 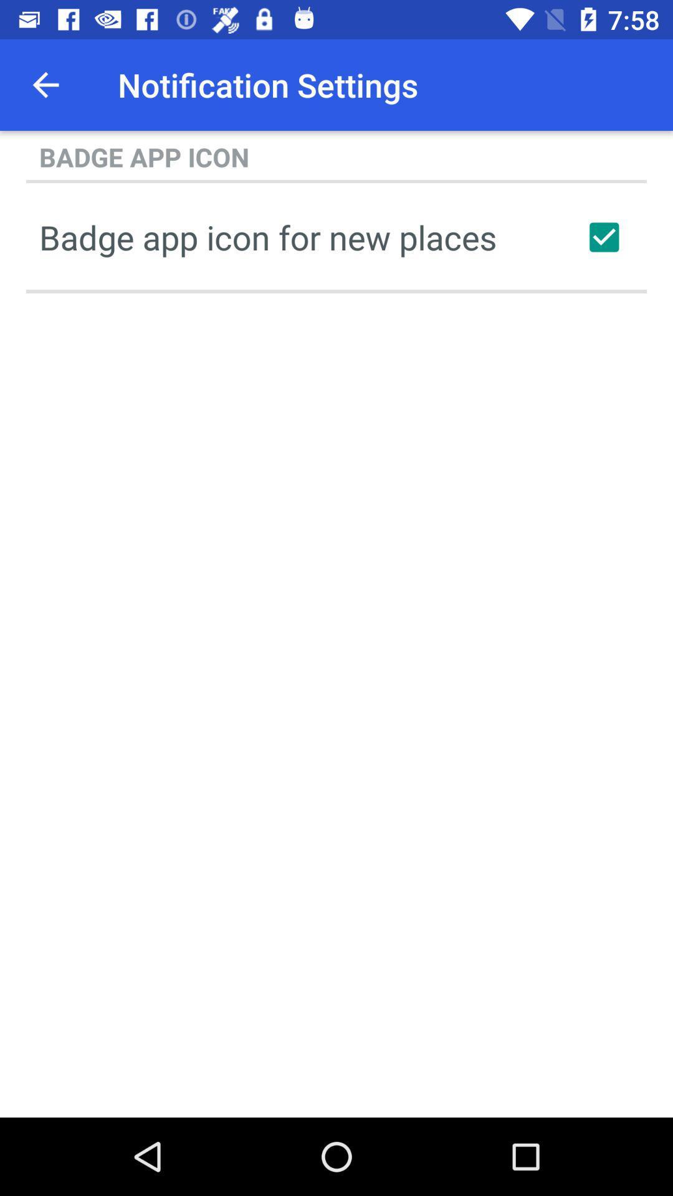 I want to click on the item at the top right corner, so click(x=603, y=237).